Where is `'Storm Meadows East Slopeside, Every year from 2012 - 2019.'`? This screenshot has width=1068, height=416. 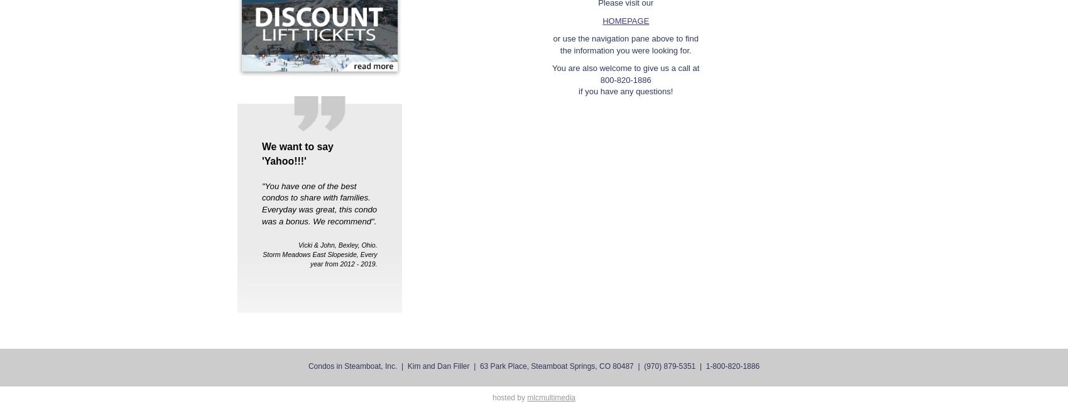 'Storm Meadows East Slopeside, Every year from 2012 - 2019.' is located at coordinates (319, 259).